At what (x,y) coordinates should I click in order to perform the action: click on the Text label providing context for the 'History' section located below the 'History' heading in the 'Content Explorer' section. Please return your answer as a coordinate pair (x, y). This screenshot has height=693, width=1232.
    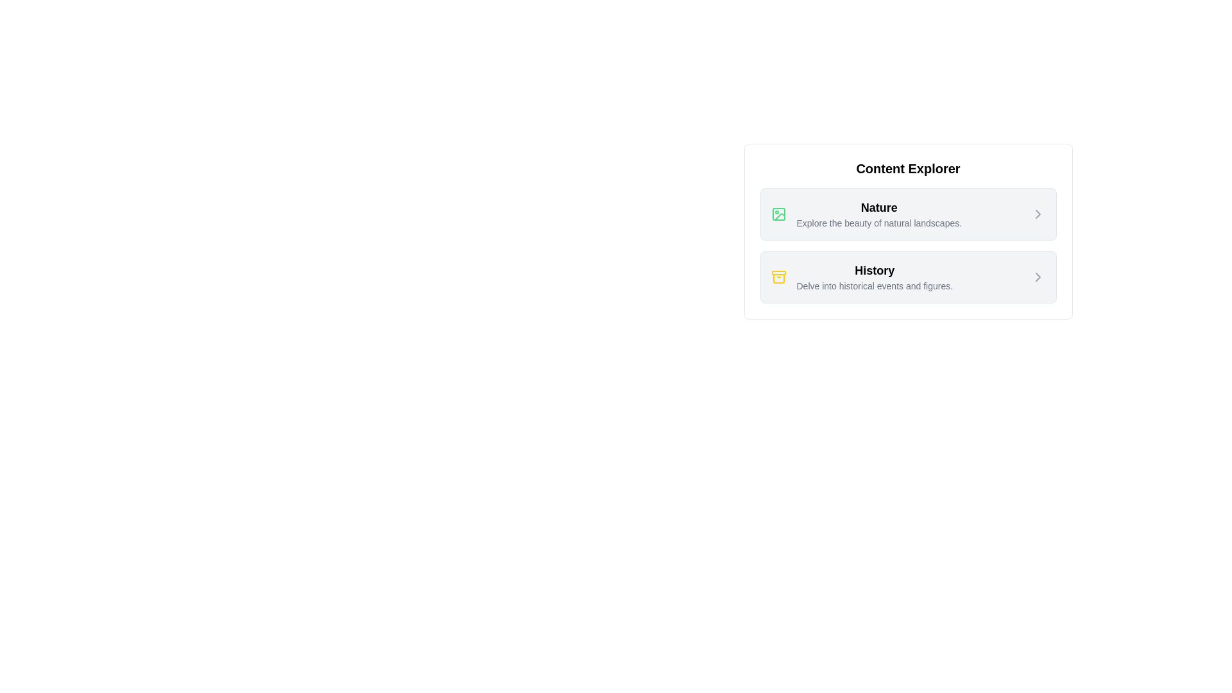
    Looking at the image, I should click on (874, 286).